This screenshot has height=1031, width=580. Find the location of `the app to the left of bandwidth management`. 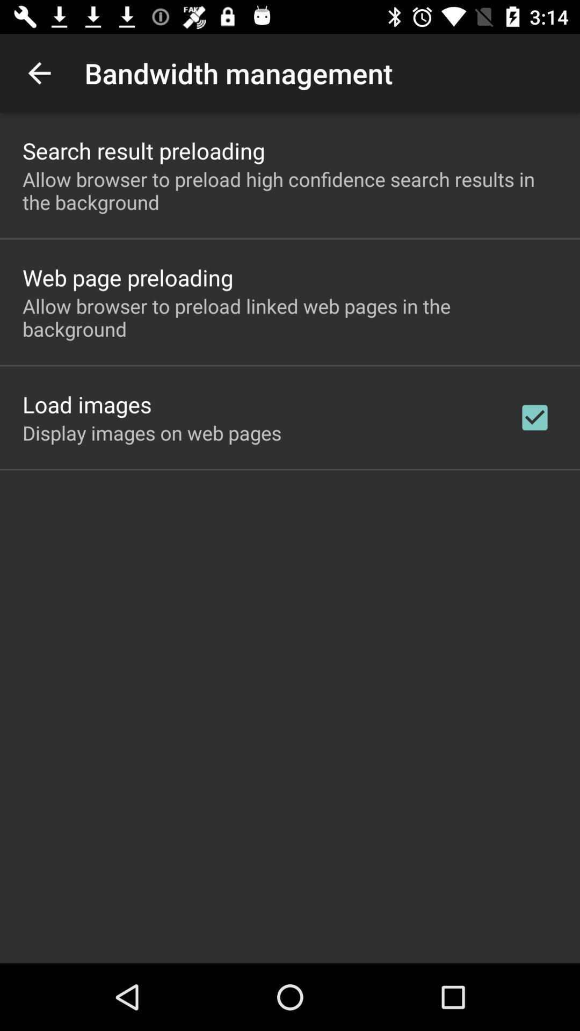

the app to the left of bandwidth management is located at coordinates (39, 72).